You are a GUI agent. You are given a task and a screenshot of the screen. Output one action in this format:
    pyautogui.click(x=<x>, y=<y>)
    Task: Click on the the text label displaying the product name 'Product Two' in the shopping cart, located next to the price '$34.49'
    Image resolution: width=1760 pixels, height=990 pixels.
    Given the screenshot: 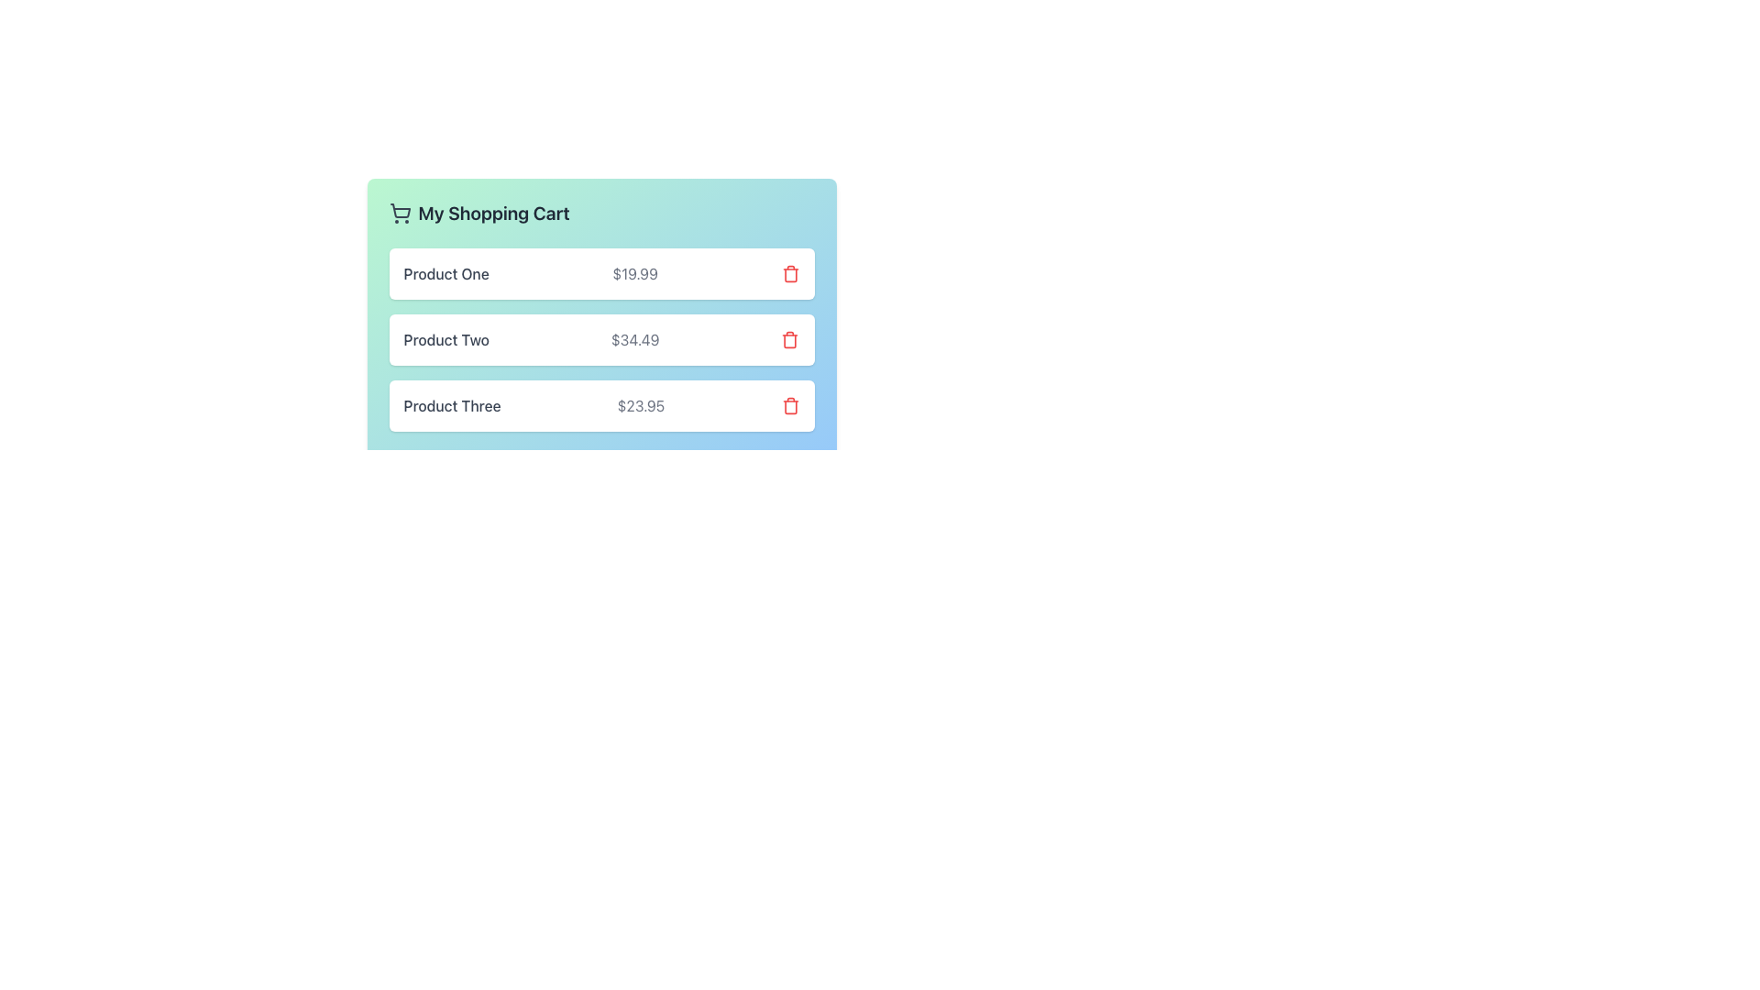 What is the action you would take?
    pyautogui.click(x=446, y=339)
    